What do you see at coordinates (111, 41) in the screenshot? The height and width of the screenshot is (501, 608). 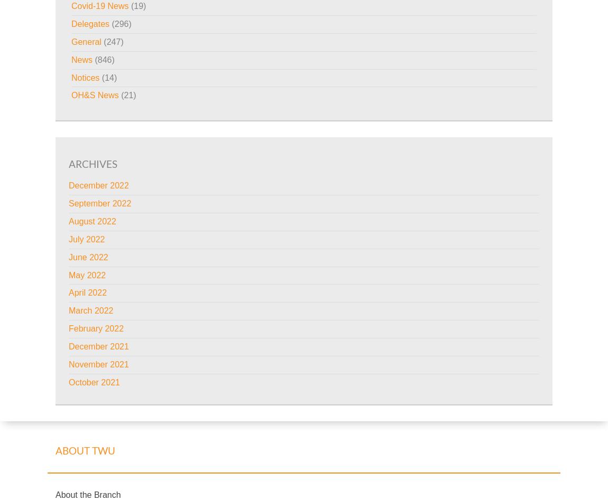 I see `'(247)'` at bounding box center [111, 41].